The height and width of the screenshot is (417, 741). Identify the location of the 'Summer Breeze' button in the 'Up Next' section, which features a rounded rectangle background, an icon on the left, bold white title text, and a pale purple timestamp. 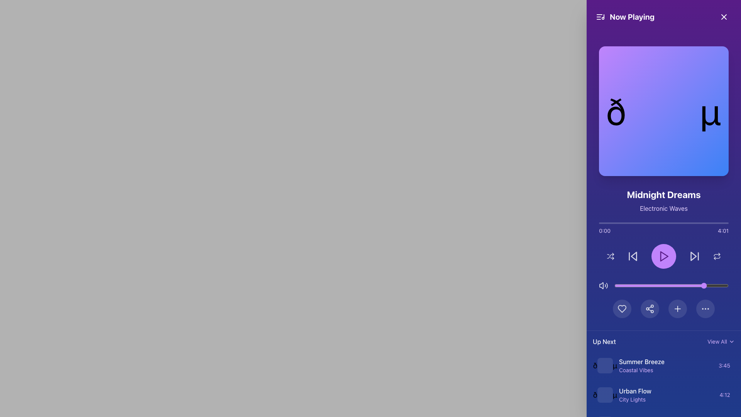
(663, 365).